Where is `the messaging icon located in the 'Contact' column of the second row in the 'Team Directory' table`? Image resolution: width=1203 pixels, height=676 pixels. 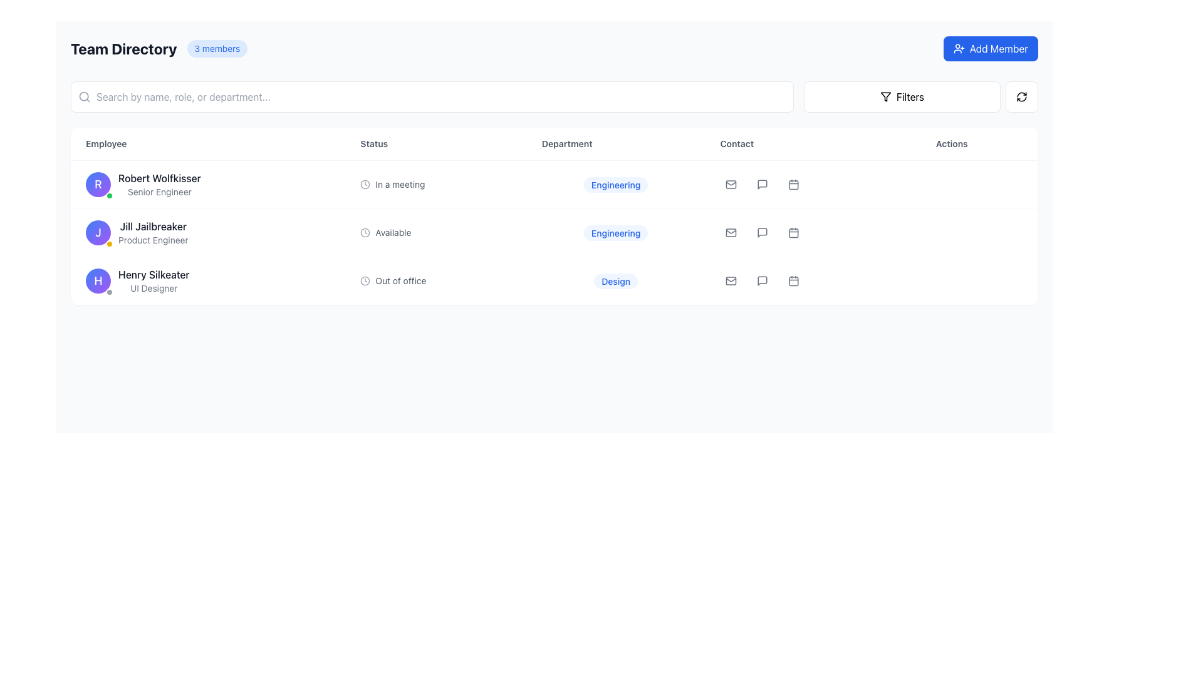 the messaging icon located in the 'Contact' column of the second row in the 'Team Directory' table is located at coordinates (761, 232).